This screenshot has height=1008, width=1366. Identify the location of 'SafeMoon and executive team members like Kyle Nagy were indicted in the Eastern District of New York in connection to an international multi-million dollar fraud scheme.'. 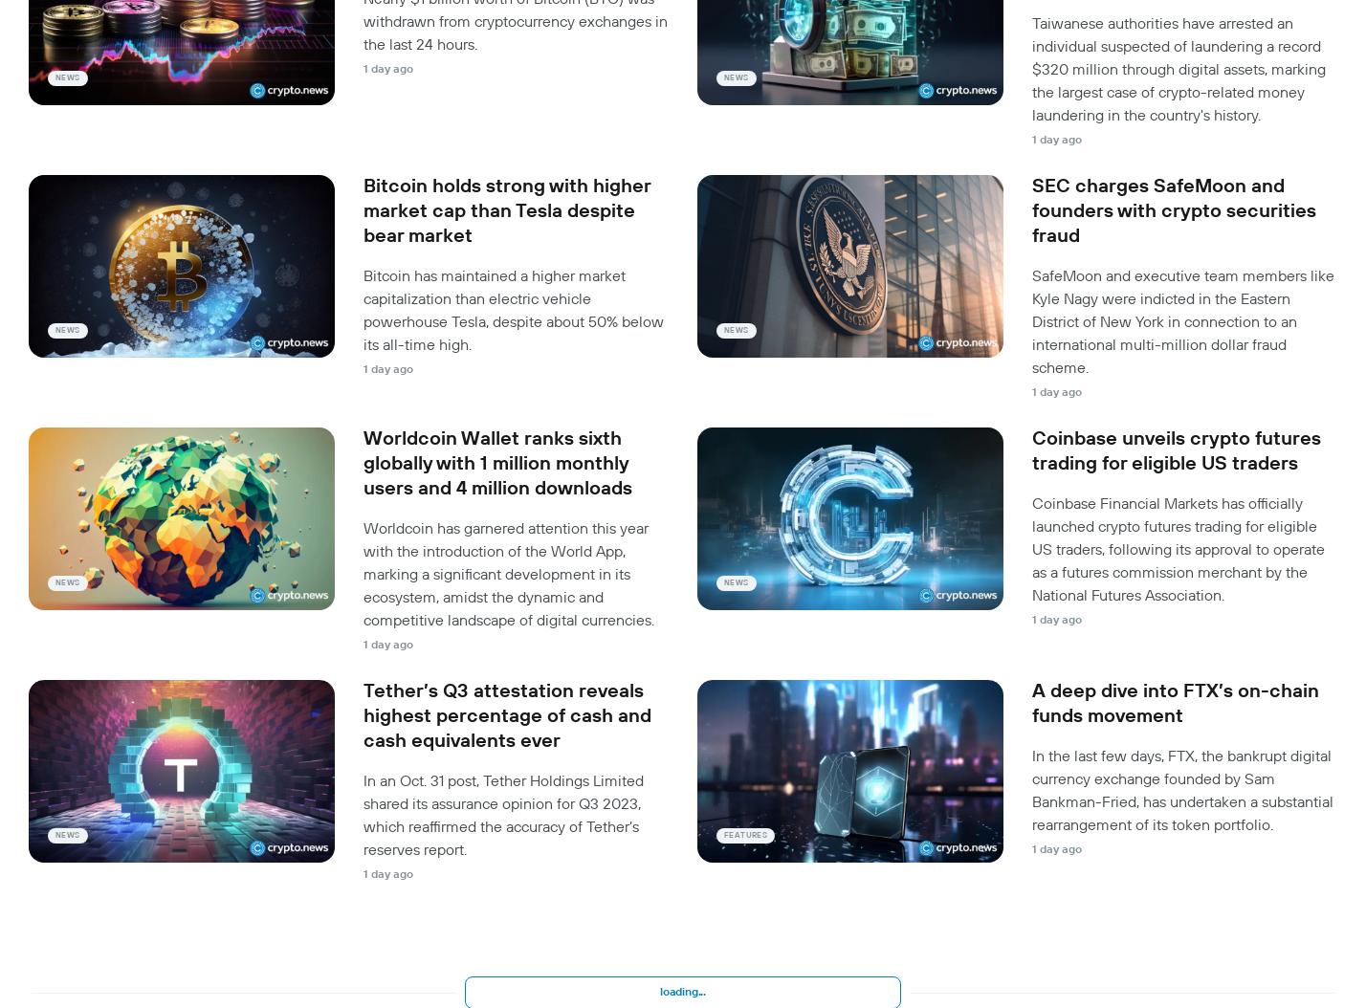
(1182, 321).